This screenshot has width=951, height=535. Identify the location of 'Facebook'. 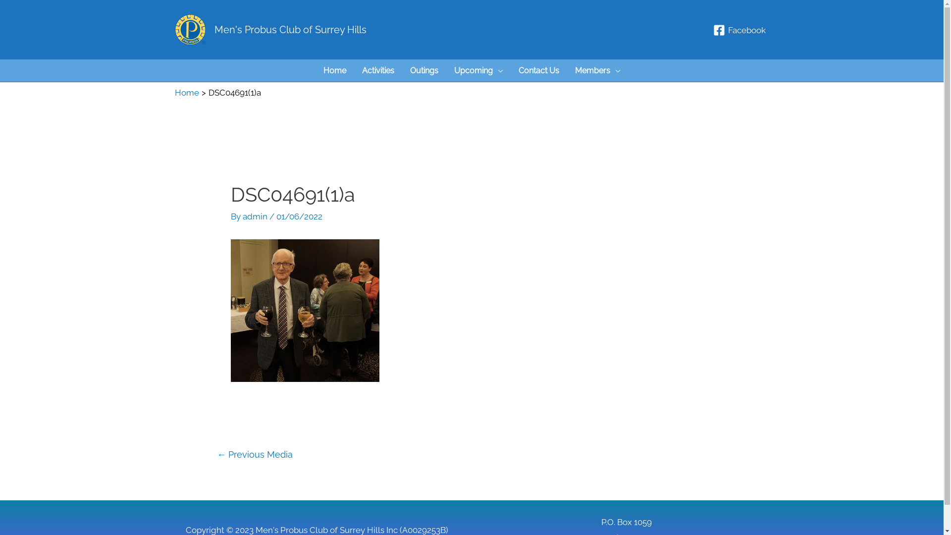
(709, 30).